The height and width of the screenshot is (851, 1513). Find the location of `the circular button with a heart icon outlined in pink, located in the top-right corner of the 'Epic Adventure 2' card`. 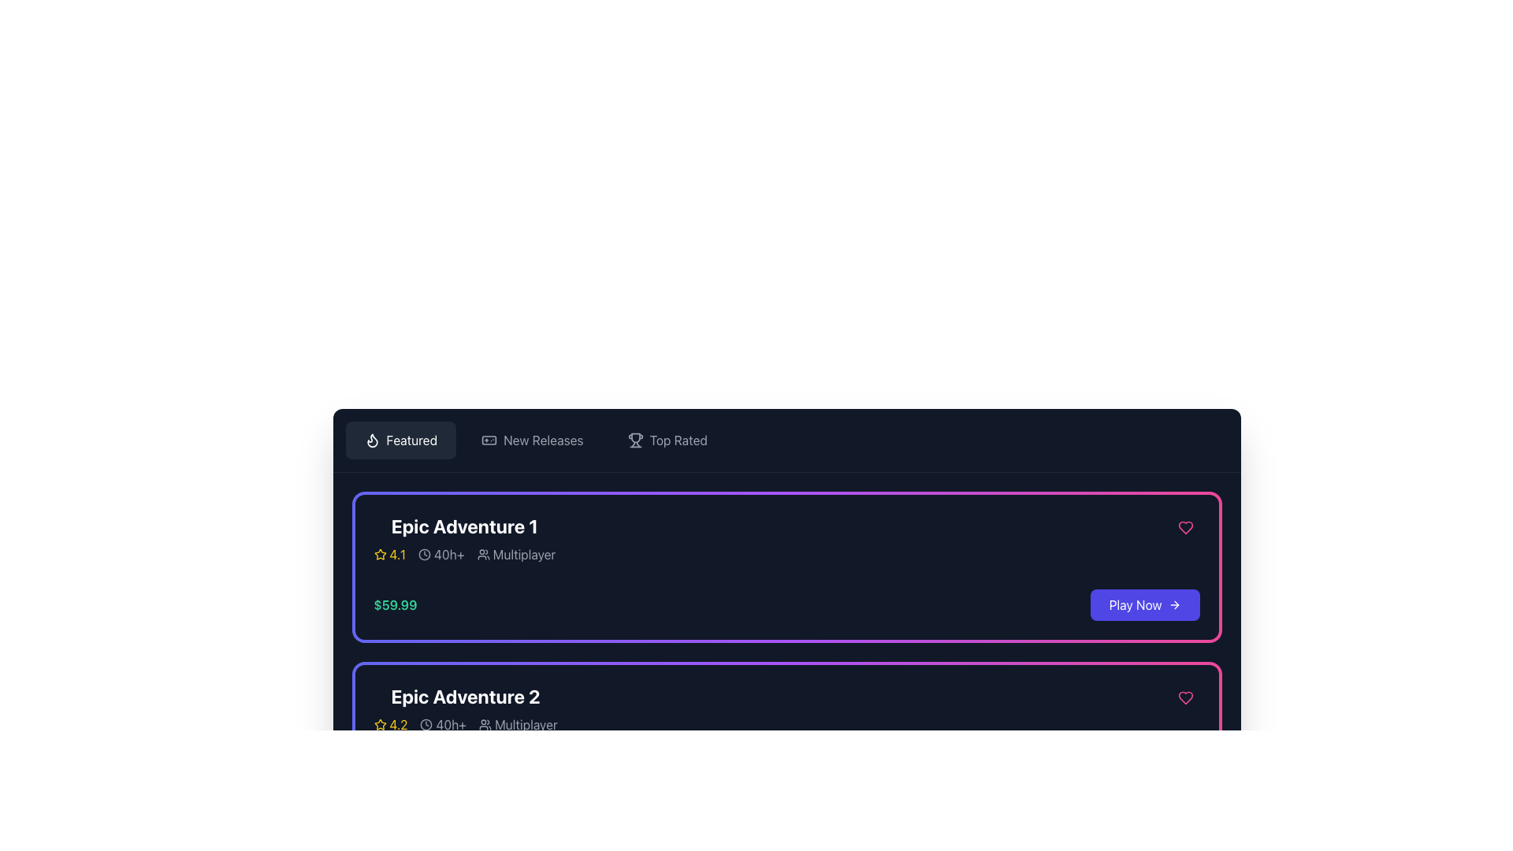

the circular button with a heart icon outlined in pink, located in the top-right corner of the 'Epic Adventure 2' card is located at coordinates (1185, 697).